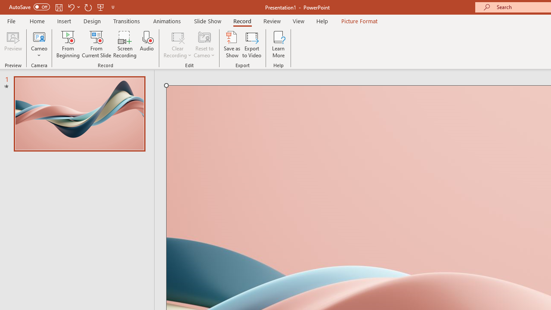 This screenshot has height=310, width=551. Describe the element at coordinates (29, 7) in the screenshot. I see `'AutoSave'` at that location.